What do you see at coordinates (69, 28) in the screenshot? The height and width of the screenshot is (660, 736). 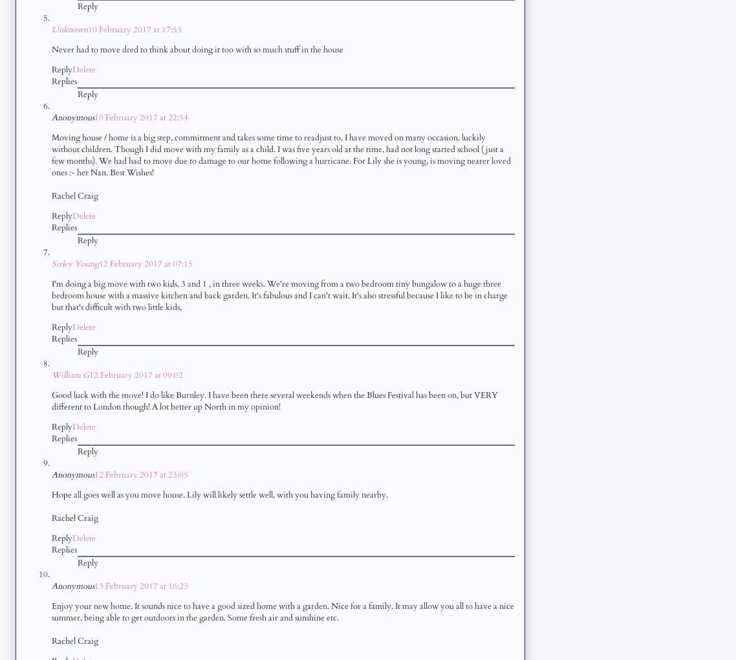 I see `'Unknown'` at bounding box center [69, 28].